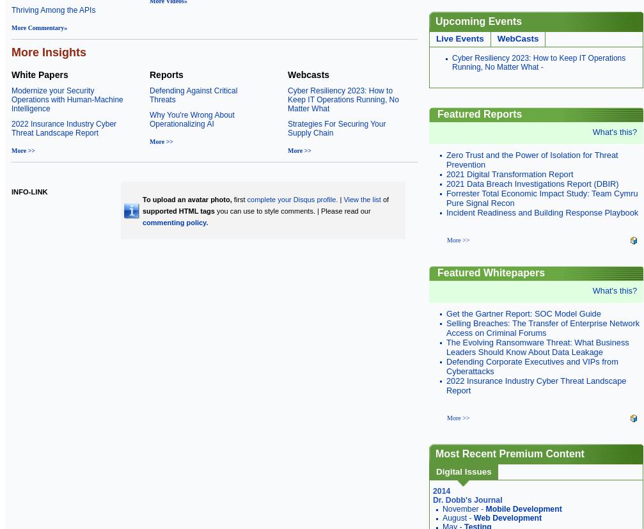 The height and width of the screenshot is (529, 644). What do you see at coordinates (193, 95) in the screenshot?
I see `'Defending Against Critical Threats'` at bounding box center [193, 95].